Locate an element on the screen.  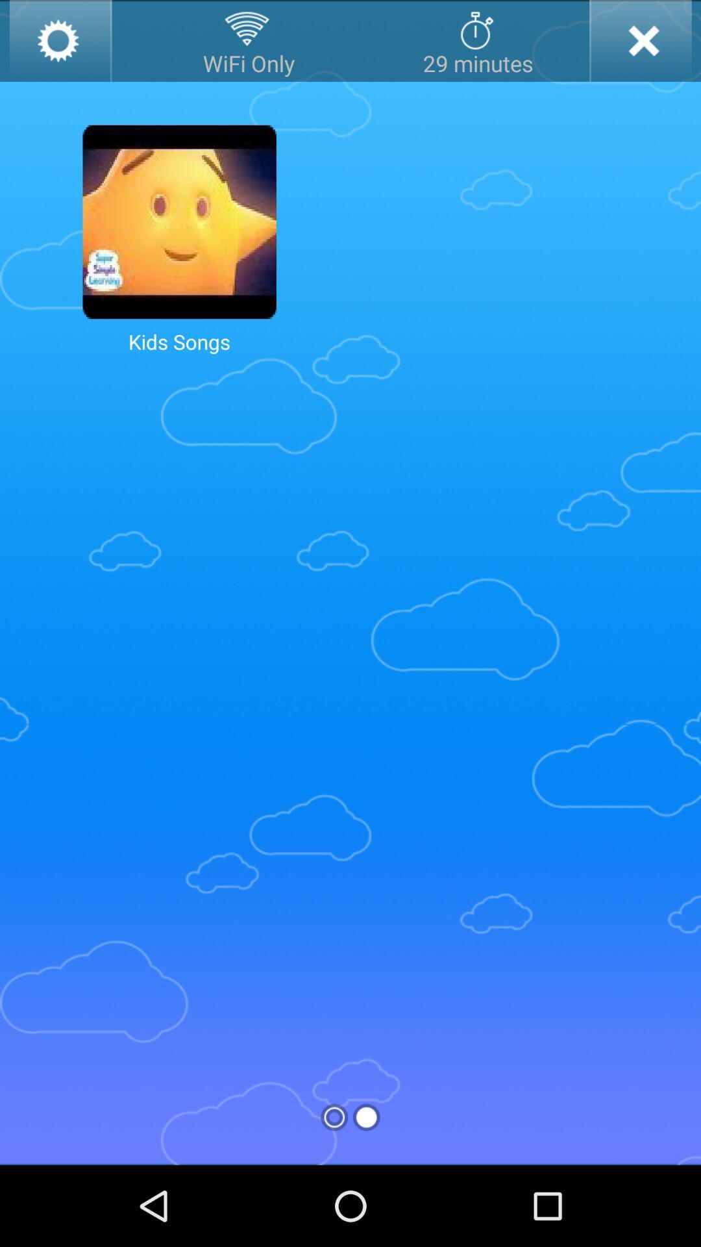
open kids songs is located at coordinates (179, 221).